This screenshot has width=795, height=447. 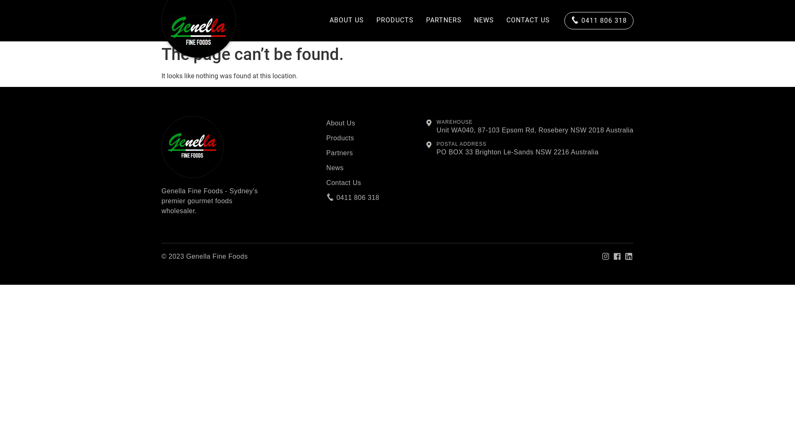 I want to click on 'About Us', so click(x=325, y=123).